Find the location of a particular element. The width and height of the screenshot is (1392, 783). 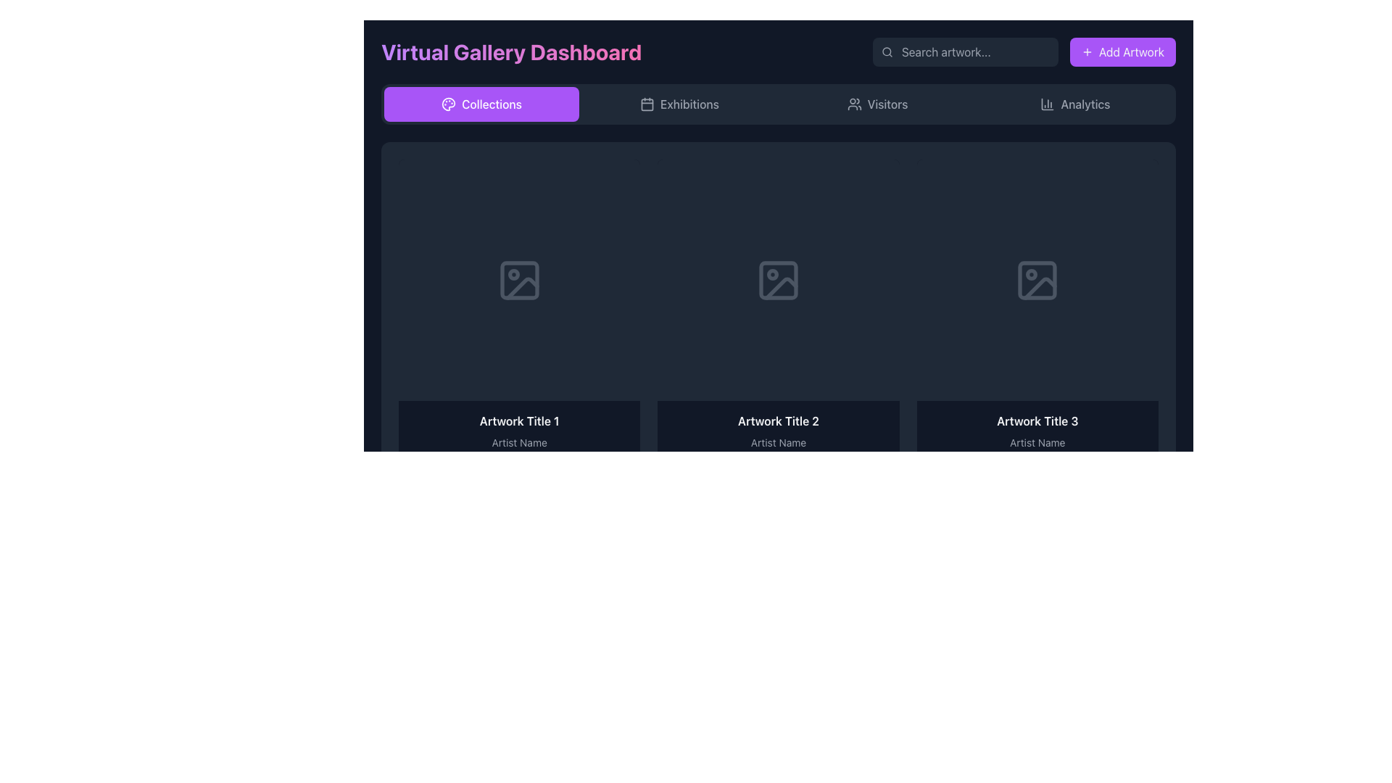

the search bar icon located in the top navigation bar, which visually indicates that the associated input field is a search bar is located at coordinates (886, 51).